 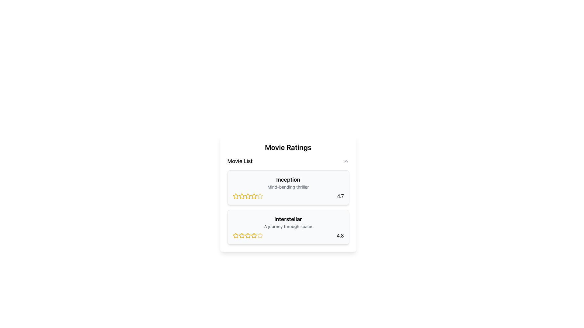 I want to click on the first yellow star-shaped rating icon to rate the movie 'Inception' in the 'Movie Ratings' interface, so click(x=241, y=196).